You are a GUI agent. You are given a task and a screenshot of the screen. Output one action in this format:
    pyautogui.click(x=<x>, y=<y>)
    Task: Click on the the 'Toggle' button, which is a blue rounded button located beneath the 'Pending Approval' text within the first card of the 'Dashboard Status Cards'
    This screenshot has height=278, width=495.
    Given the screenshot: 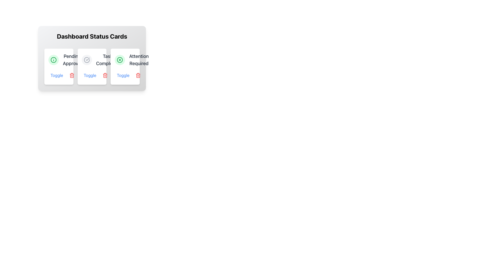 What is the action you would take?
    pyautogui.click(x=59, y=75)
    